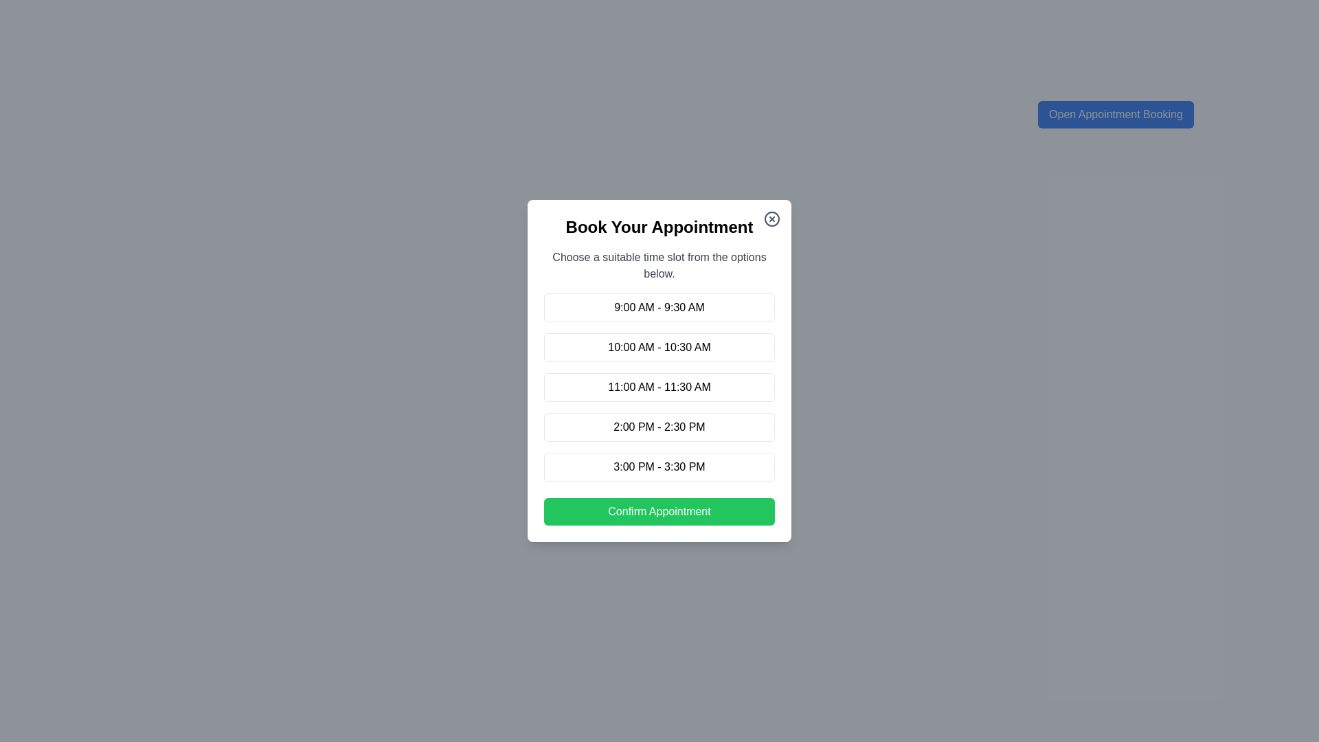  I want to click on the text label displaying the time range '3:00 PM - 3:30 PM', which is located in the fifth selectable time slot of the appointment selection modal, so click(659, 466).